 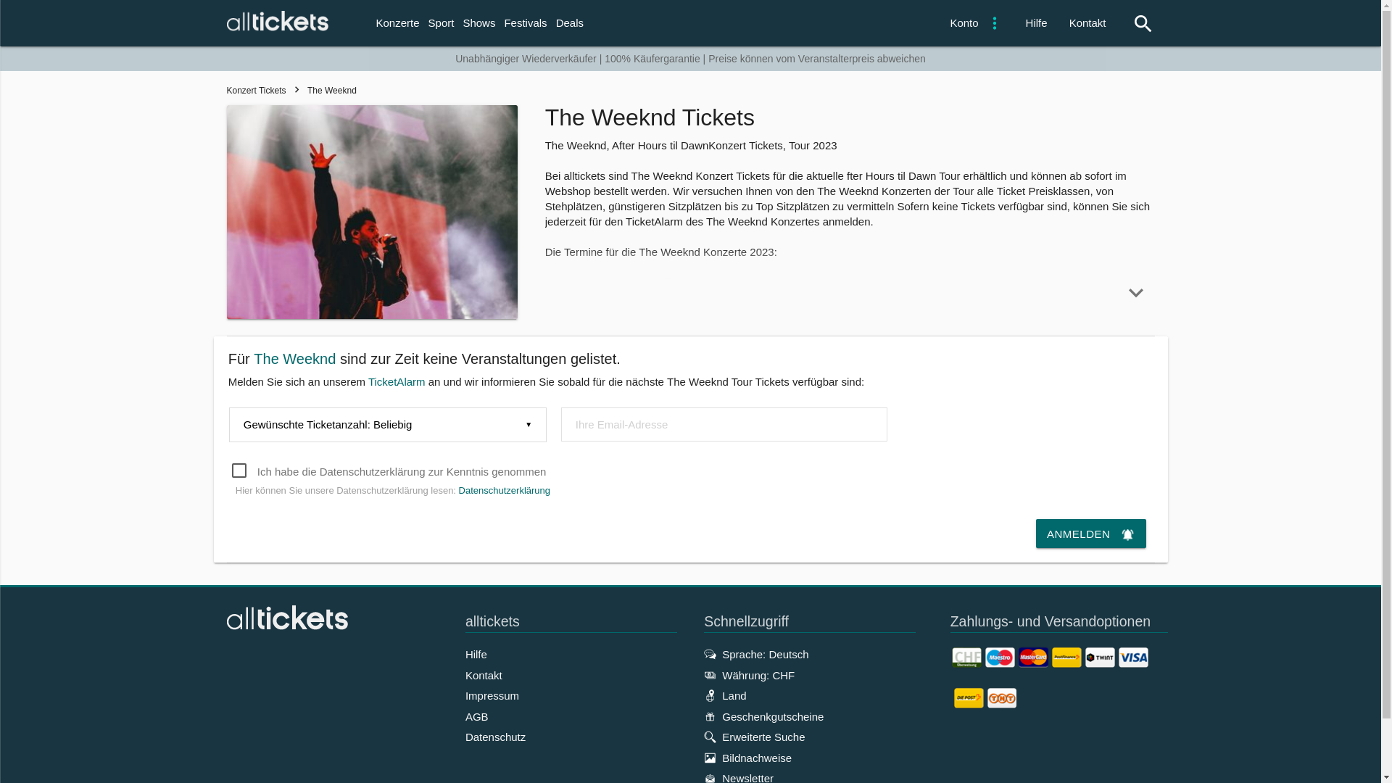 I want to click on 'Festivals', so click(x=524, y=22).